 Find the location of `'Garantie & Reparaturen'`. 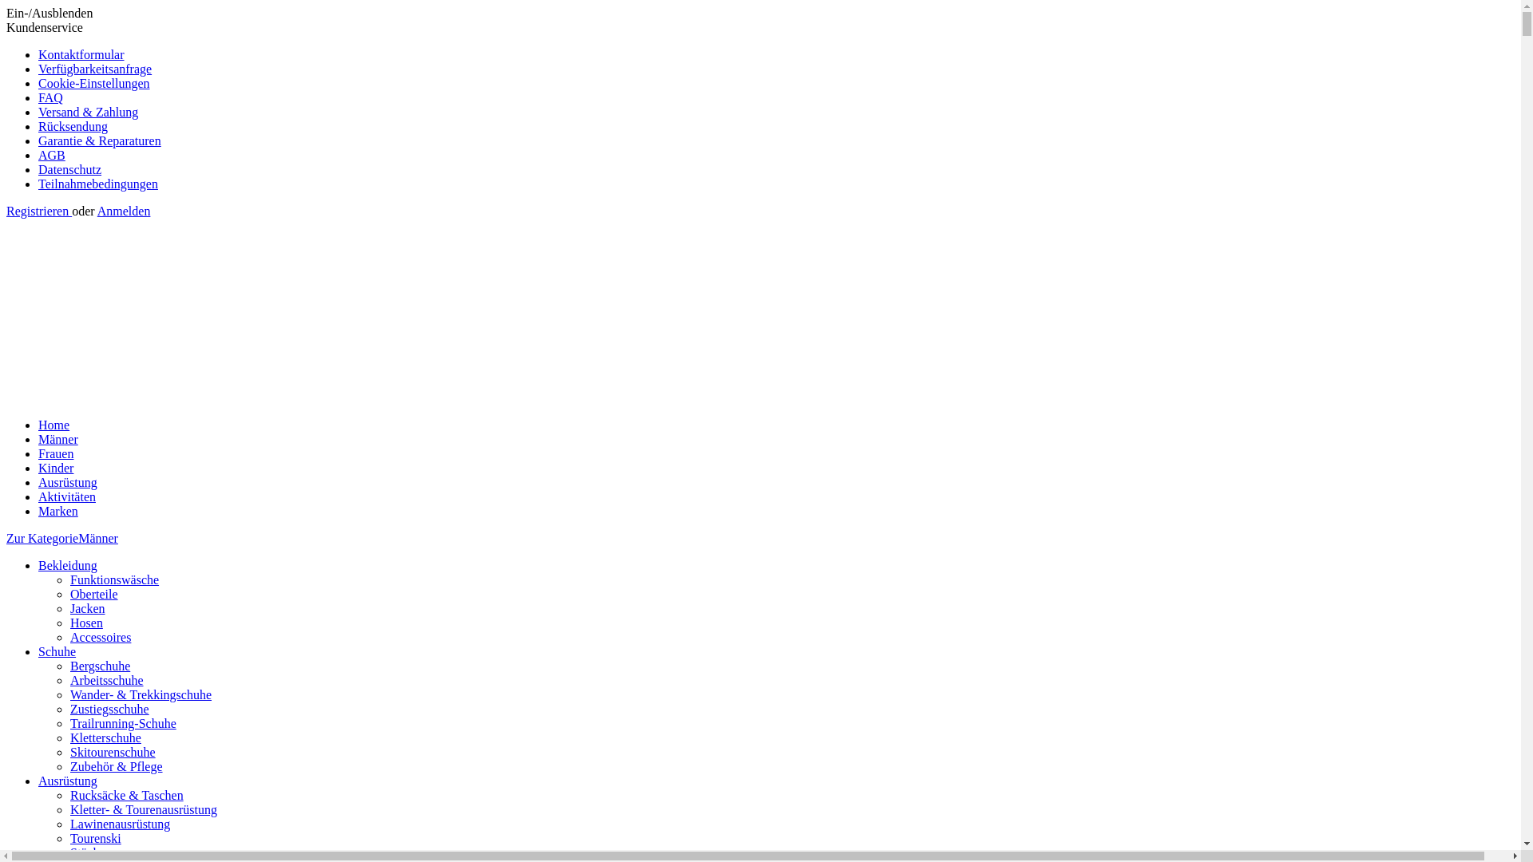

'Garantie & Reparaturen' is located at coordinates (98, 140).